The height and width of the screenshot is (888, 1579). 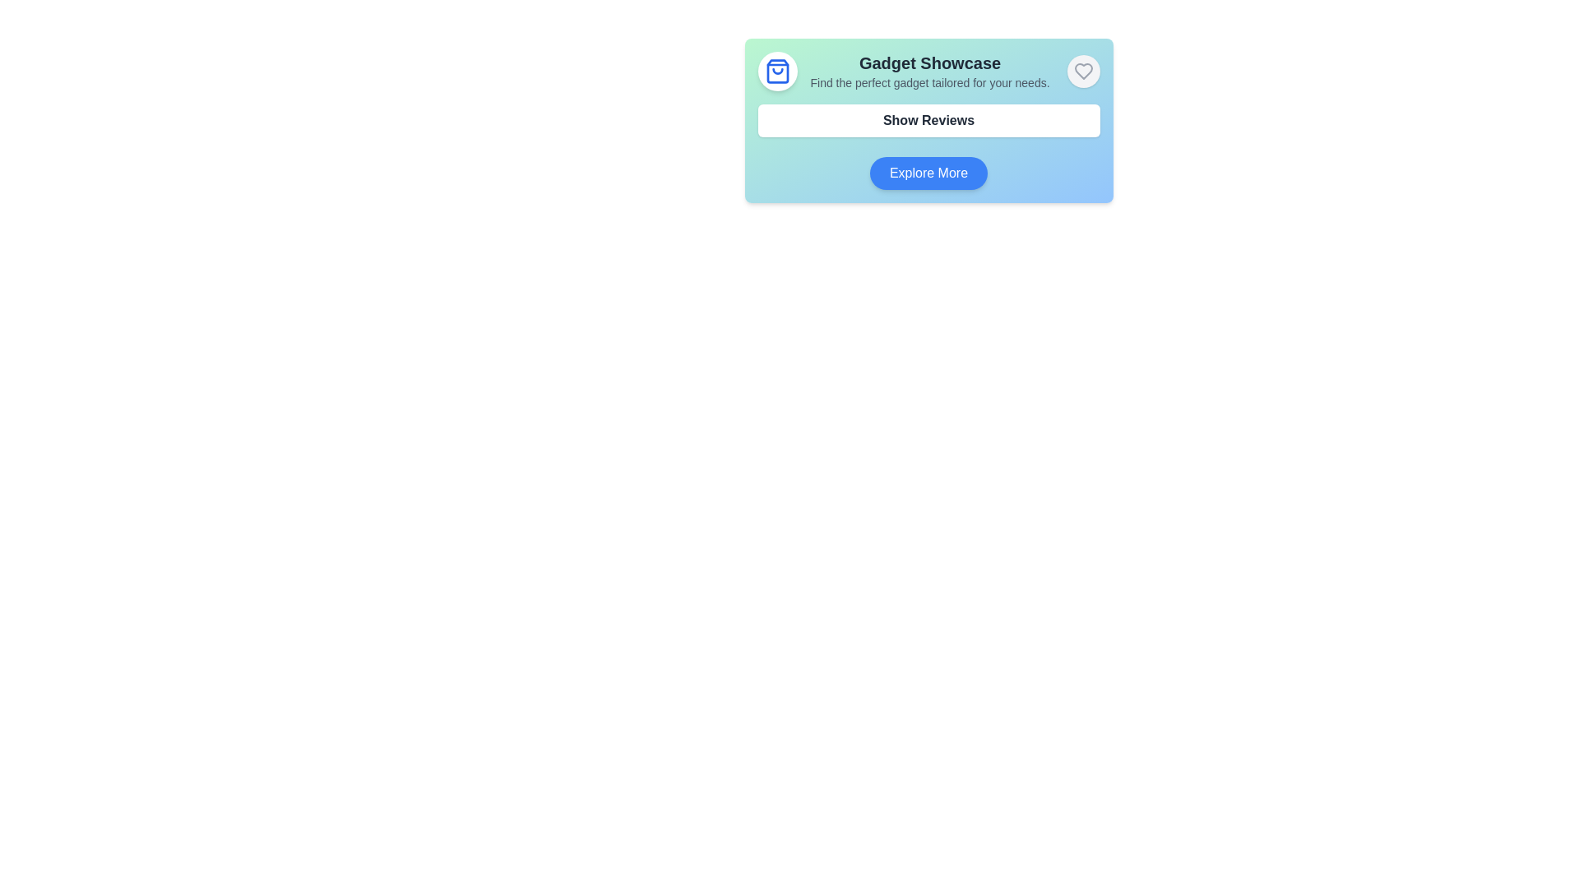 I want to click on the 'Gadget Showcase' heading element, so click(x=930, y=62).